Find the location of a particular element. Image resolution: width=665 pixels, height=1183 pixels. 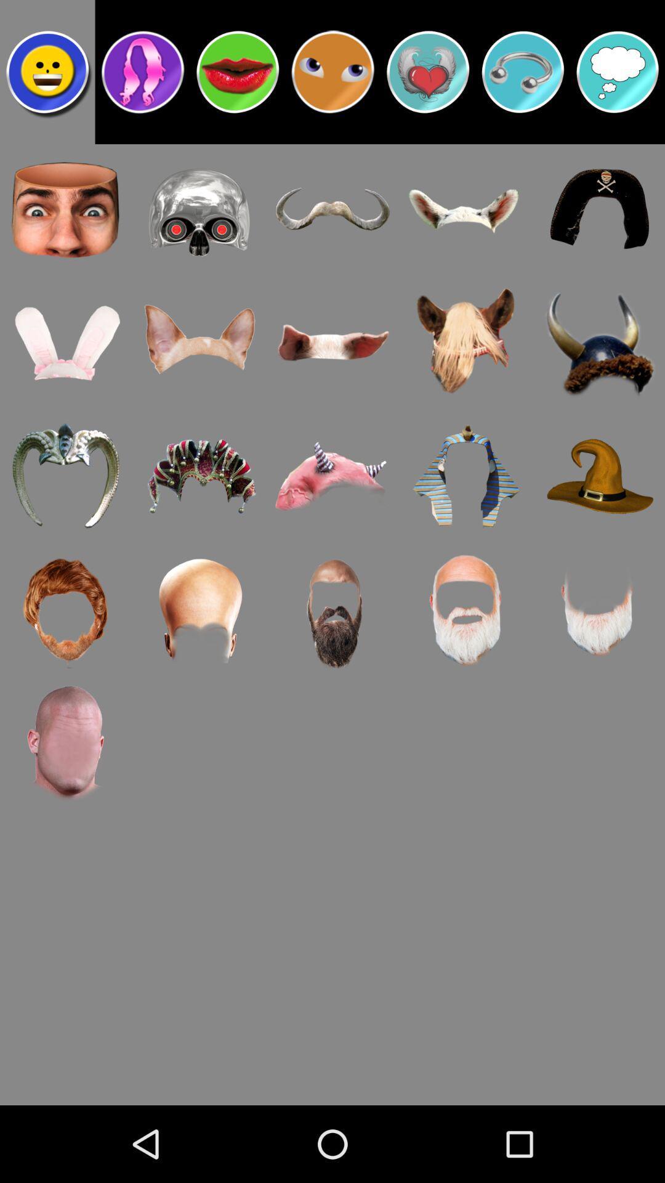

eyes emoji is located at coordinates (332, 71).